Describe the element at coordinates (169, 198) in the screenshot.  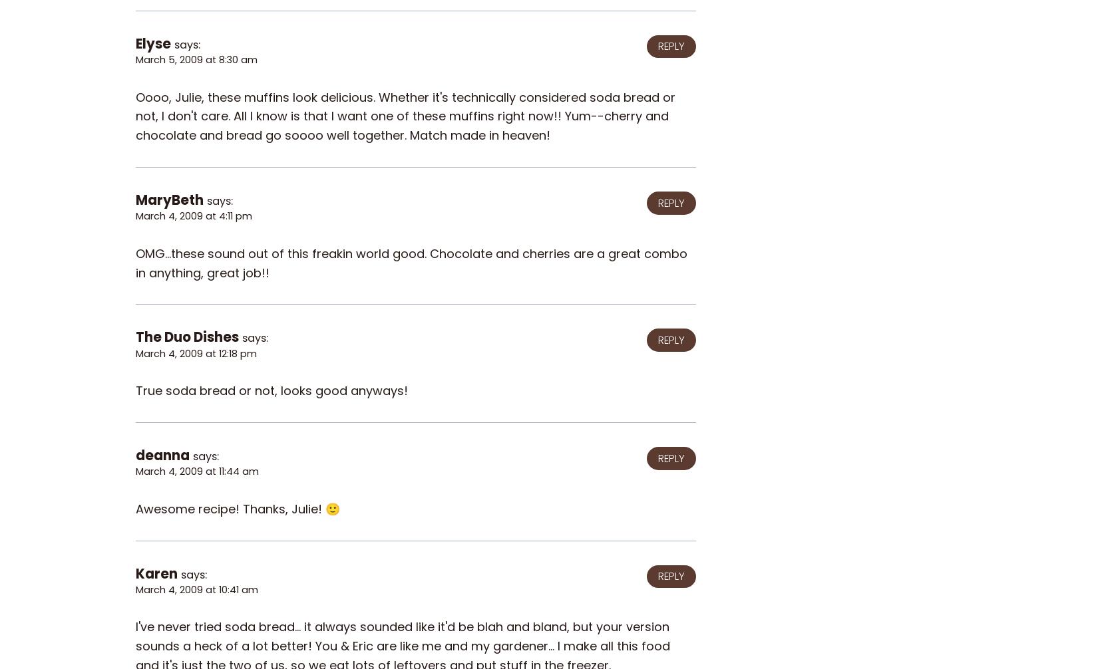
I see `'MaryBeth'` at that location.